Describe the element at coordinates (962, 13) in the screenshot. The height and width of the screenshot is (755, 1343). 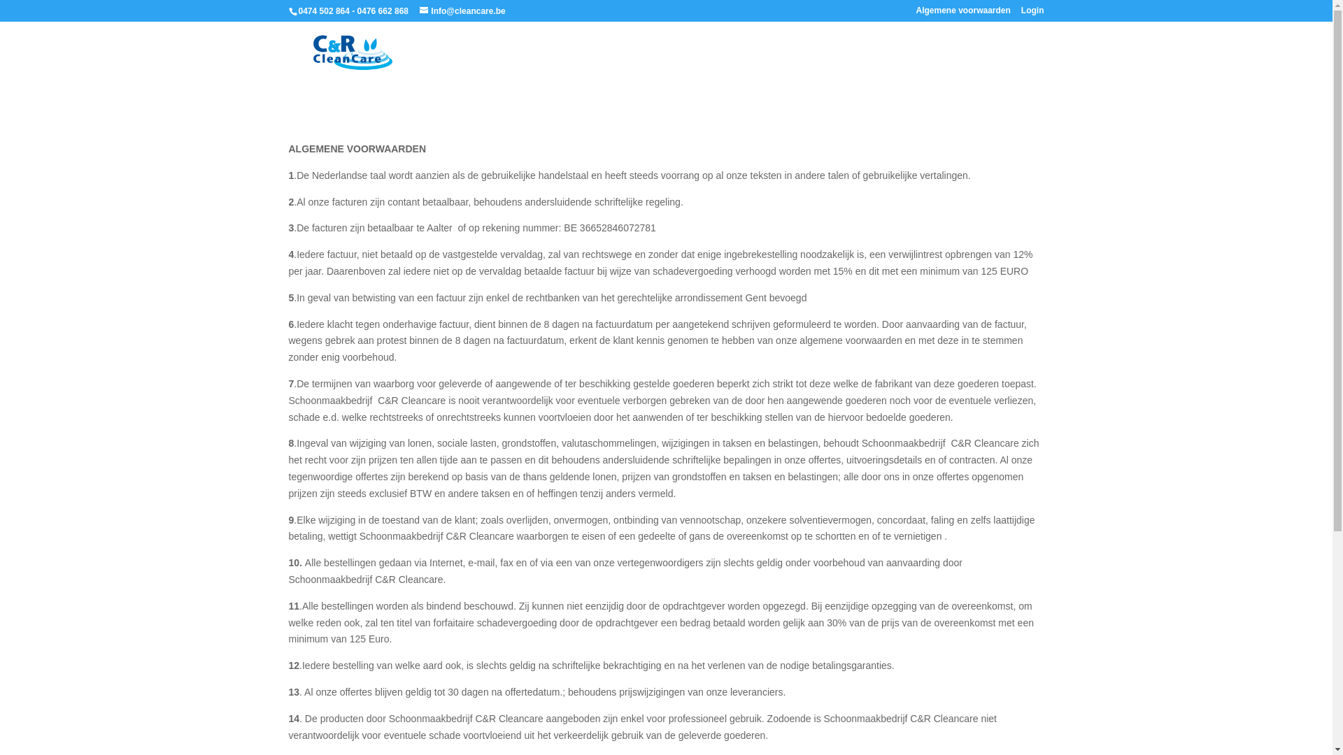
I see `'Algemene voorwaarden'` at that location.